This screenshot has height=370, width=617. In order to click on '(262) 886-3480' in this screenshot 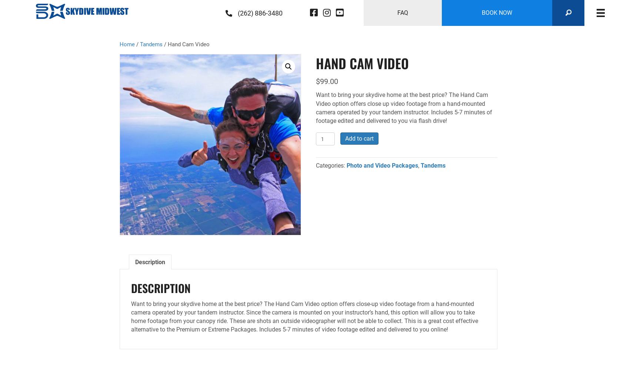, I will do `click(260, 13)`.